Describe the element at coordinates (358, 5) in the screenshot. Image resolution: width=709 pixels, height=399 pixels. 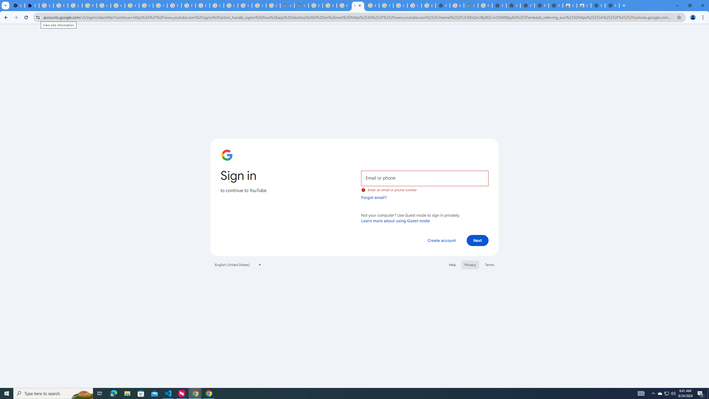
I see `'YouTube'` at that location.